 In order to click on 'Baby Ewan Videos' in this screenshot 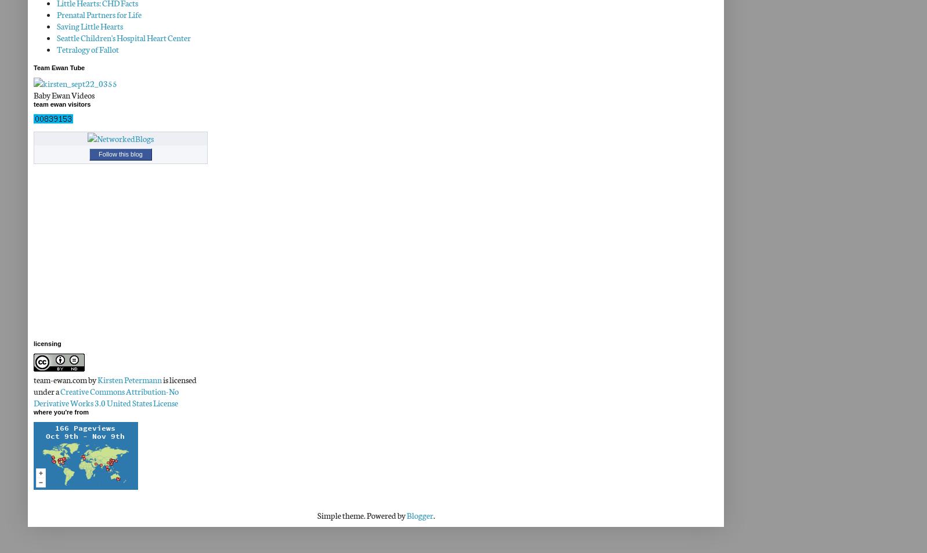, I will do `click(63, 94)`.